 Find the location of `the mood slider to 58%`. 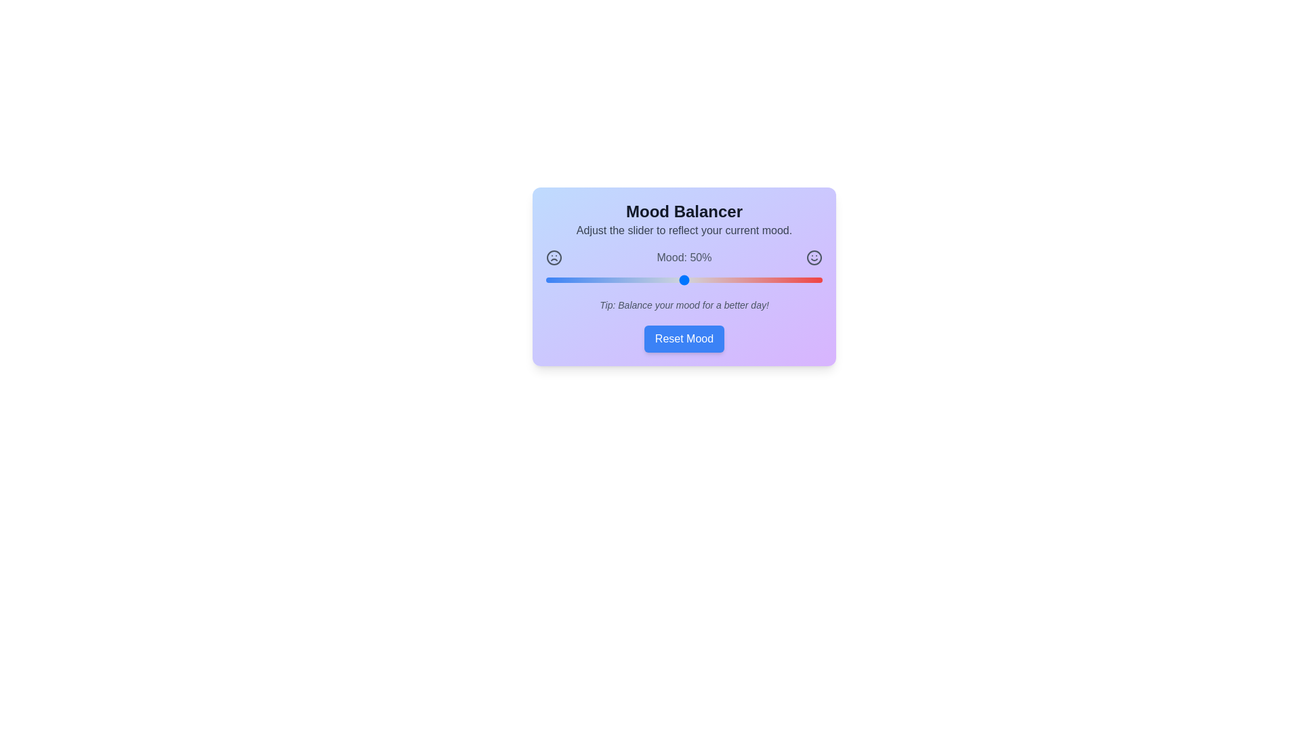

the mood slider to 58% is located at coordinates (705, 279).